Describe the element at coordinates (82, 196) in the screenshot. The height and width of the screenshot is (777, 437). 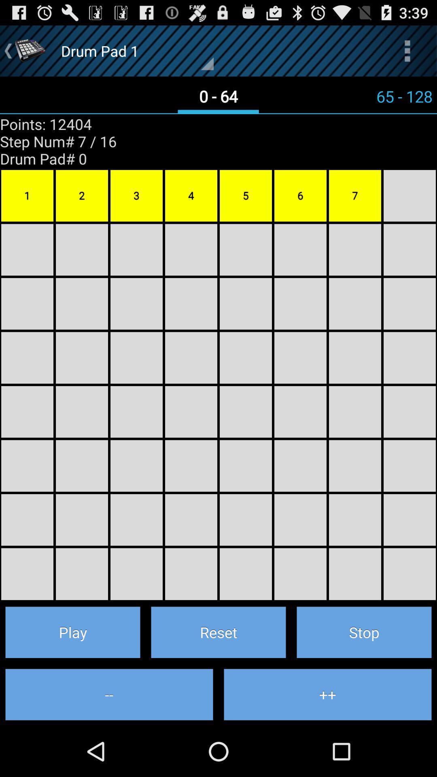
I see `yellow box with text 2` at that location.